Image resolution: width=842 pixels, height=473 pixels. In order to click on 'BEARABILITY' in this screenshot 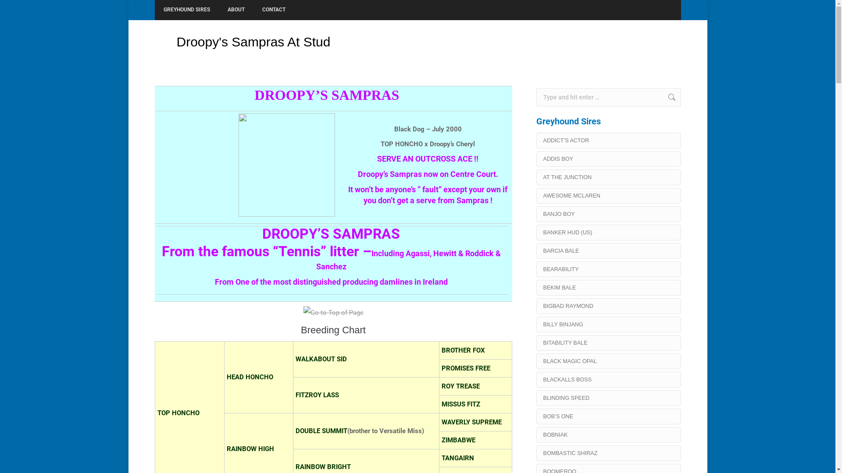, I will do `click(608, 268)`.